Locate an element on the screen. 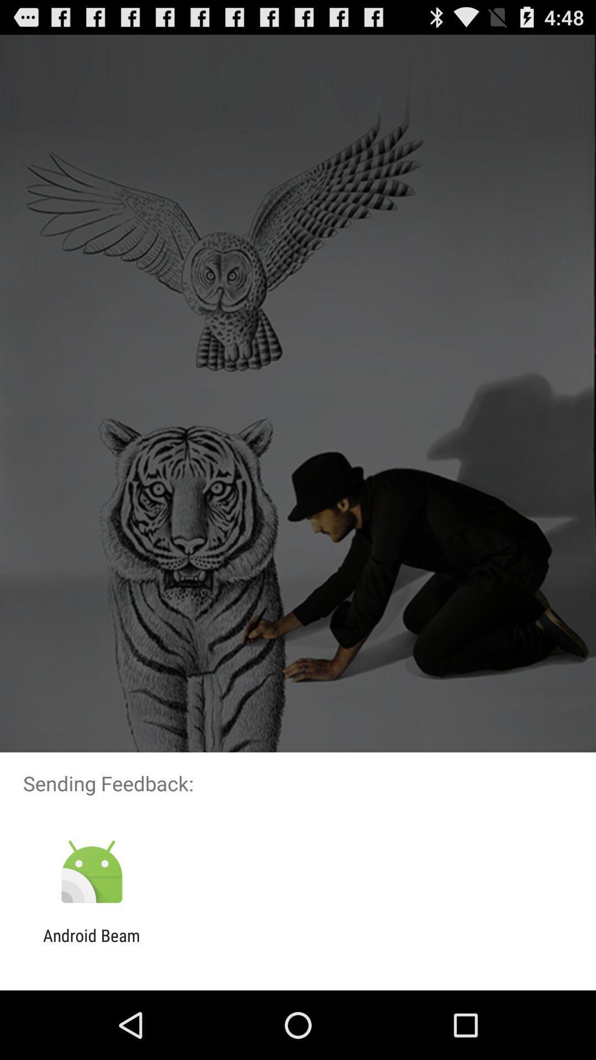  android beam item is located at coordinates (91, 945).